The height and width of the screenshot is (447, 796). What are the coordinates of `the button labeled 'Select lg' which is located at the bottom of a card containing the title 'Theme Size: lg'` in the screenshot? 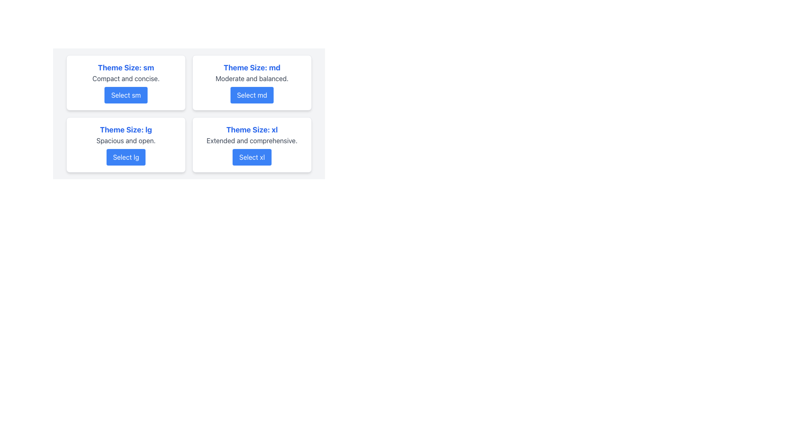 It's located at (125, 157).